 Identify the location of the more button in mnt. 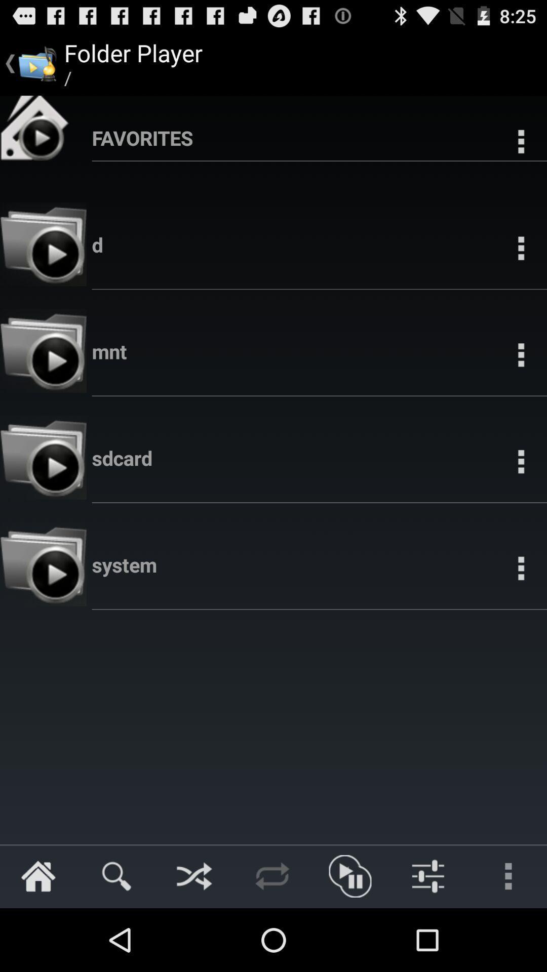
(521, 354).